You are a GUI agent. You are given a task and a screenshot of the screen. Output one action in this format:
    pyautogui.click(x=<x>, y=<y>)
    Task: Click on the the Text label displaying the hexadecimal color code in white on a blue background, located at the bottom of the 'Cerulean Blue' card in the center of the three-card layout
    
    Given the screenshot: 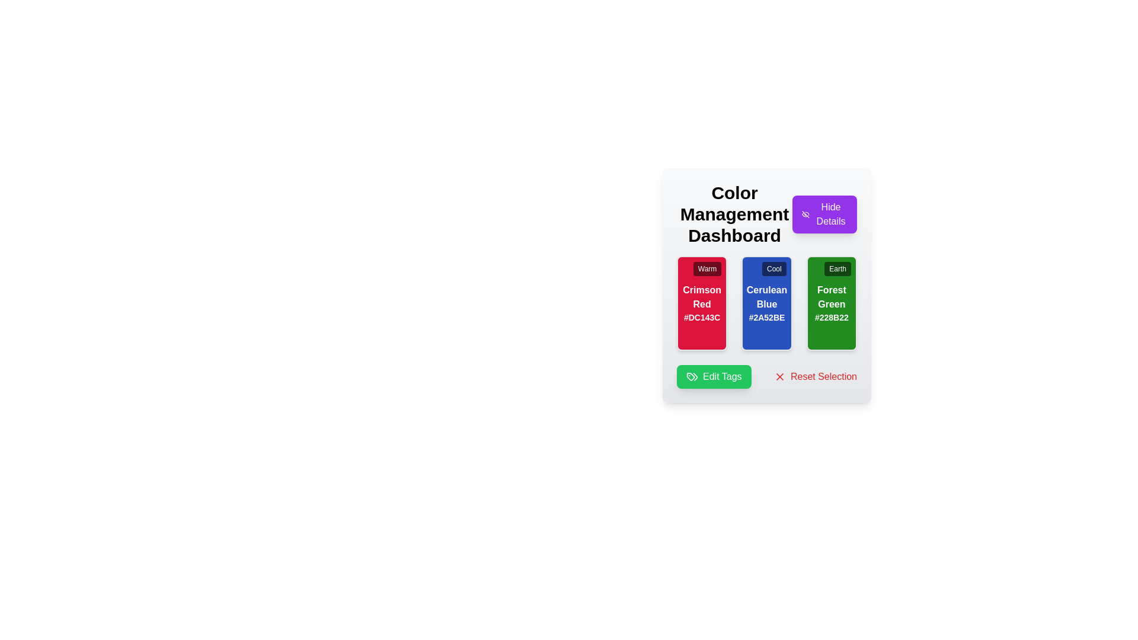 What is the action you would take?
    pyautogui.click(x=767, y=317)
    